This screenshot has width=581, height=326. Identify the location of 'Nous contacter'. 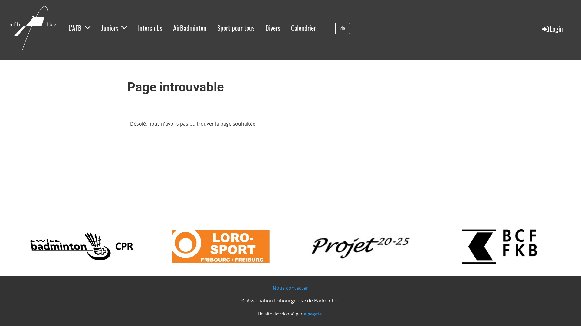
(290, 287).